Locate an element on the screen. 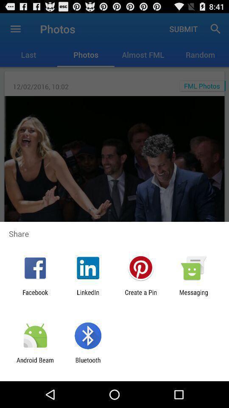 Image resolution: width=229 pixels, height=408 pixels. android beam app is located at coordinates (35, 363).